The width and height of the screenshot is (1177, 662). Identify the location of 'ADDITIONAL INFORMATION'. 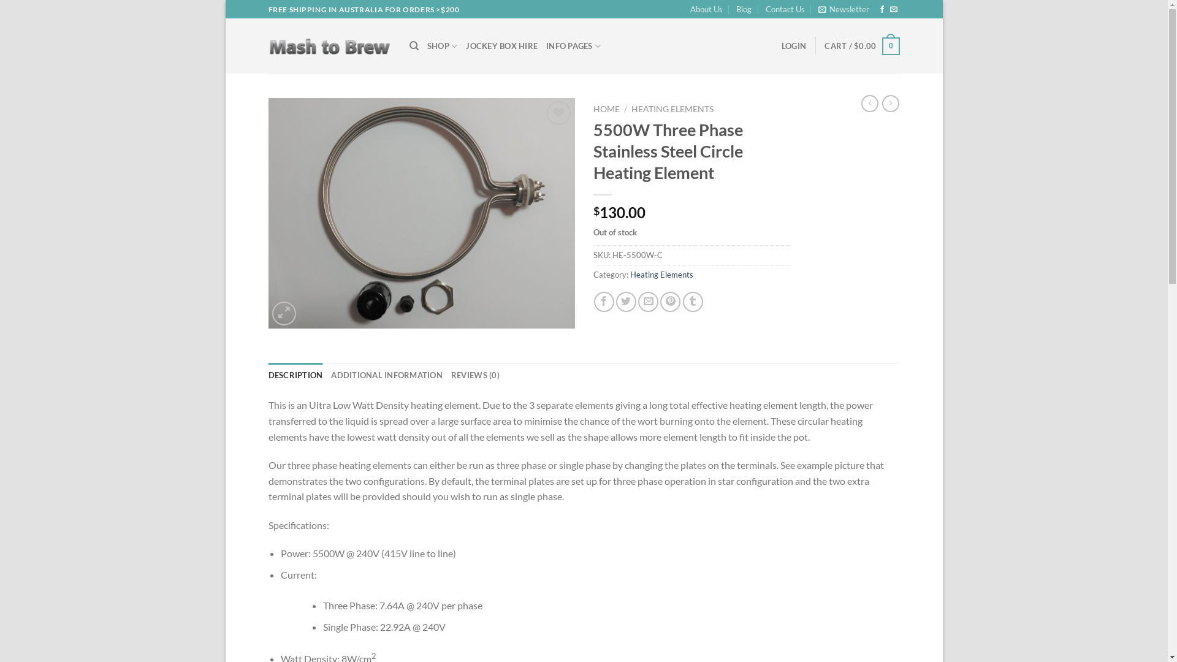
(330, 375).